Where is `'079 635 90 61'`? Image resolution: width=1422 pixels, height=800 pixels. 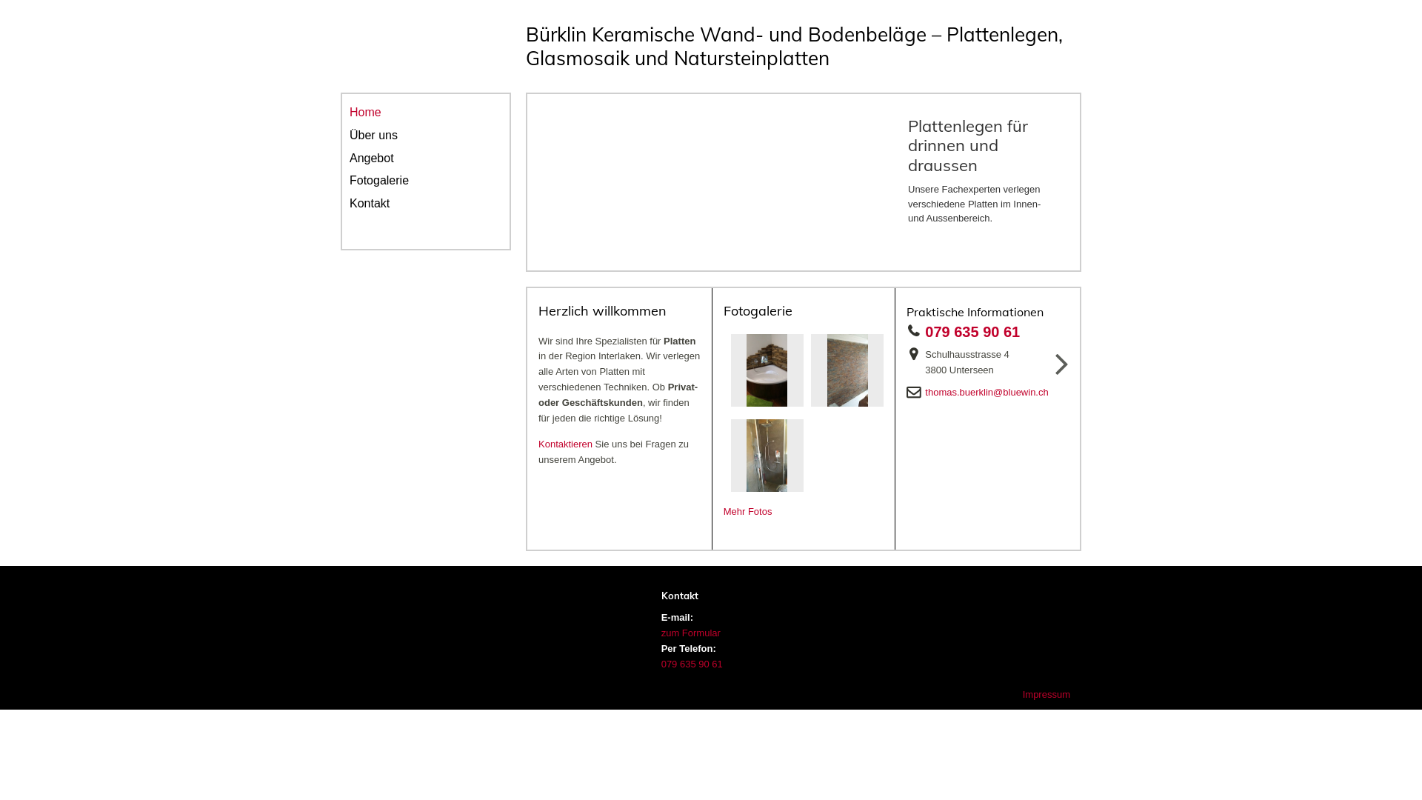 '079 635 90 61' is located at coordinates (977, 331).